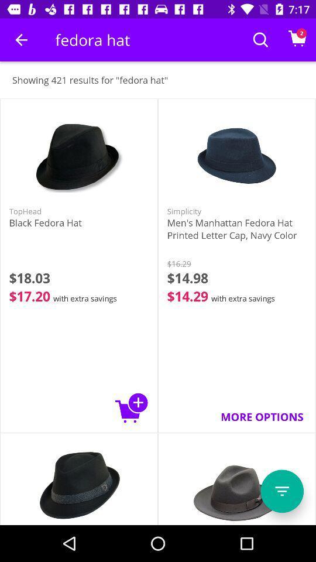 This screenshot has height=562, width=316. Describe the element at coordinates (131, 407) in the screenshot. I see `to cart` at that location.